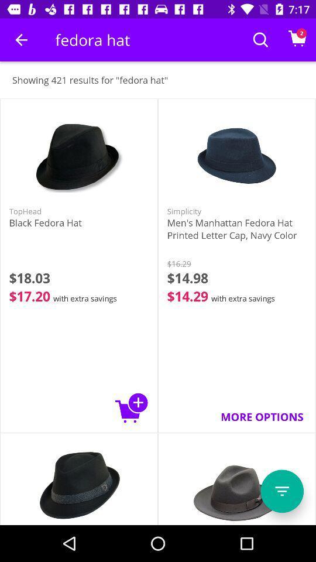 This screenshot has height=562, width=316. Describe the element at coordinates (131, 407) in the screenshot. I see `to cart` at that location.